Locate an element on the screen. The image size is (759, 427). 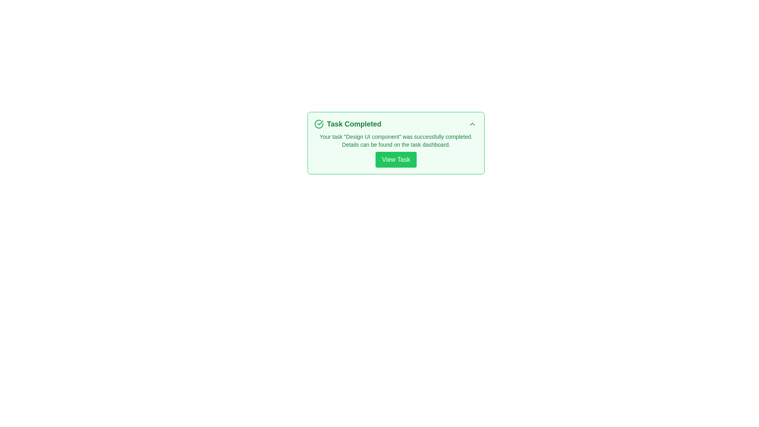
the 'View Task' button, which is a rectangular button with white text on a green background located at the bottom of the notification panel is located at coordinates (396, 160).